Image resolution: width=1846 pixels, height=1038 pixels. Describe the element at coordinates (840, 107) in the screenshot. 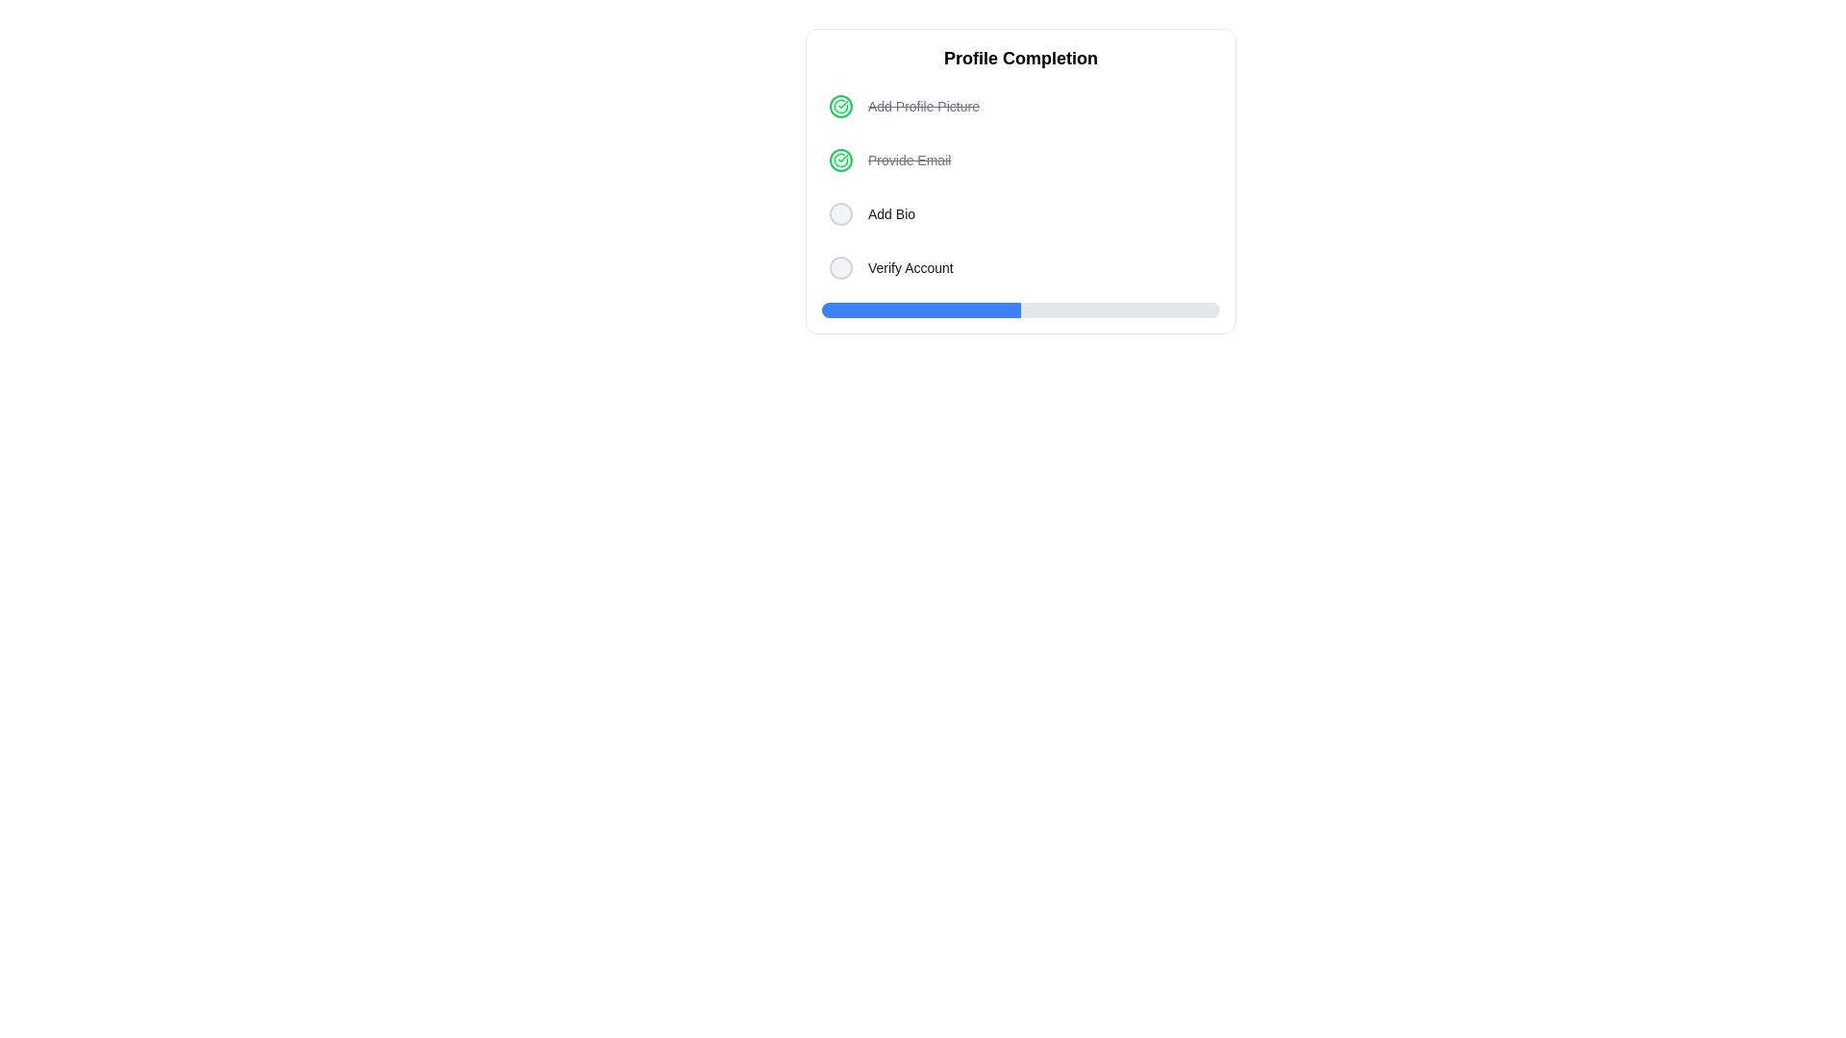

I see `the green circular graphical component within the SVG icon in the profile completion section, located to the left of the 'Provide Email' line` at that location.